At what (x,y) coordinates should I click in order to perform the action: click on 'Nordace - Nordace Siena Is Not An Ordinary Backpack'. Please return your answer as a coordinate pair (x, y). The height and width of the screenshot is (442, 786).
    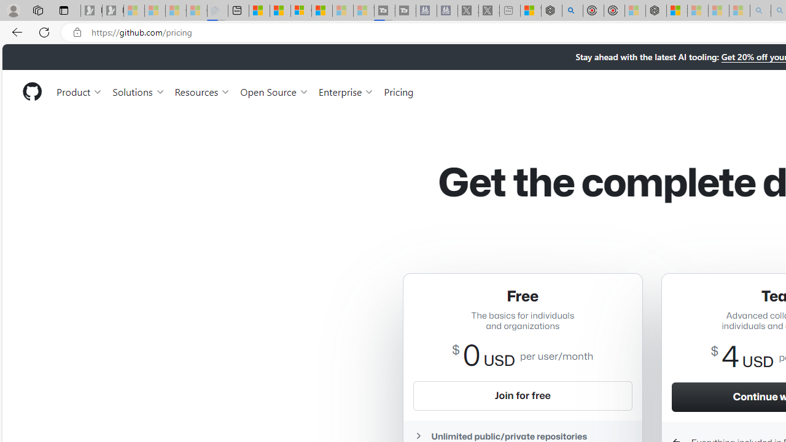
    Looking at the image, I should click on (655, 10).